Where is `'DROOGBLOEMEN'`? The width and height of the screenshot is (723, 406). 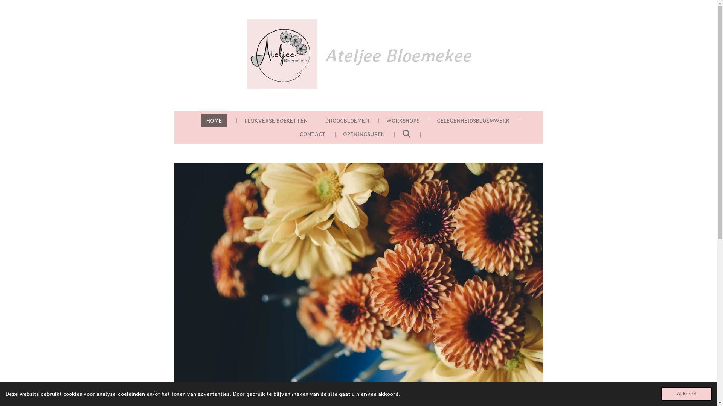
'DROOGBLOEMEN' is located at coordinates (320, 120).